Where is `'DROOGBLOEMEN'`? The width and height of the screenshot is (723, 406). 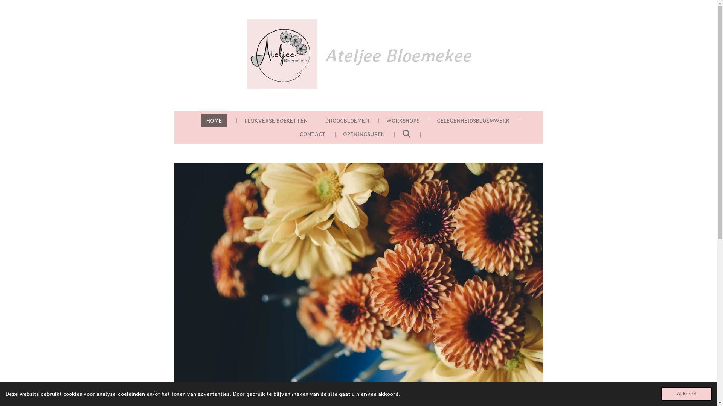
'DROOGBLOEMEN' is located at coordinates (320, 120).